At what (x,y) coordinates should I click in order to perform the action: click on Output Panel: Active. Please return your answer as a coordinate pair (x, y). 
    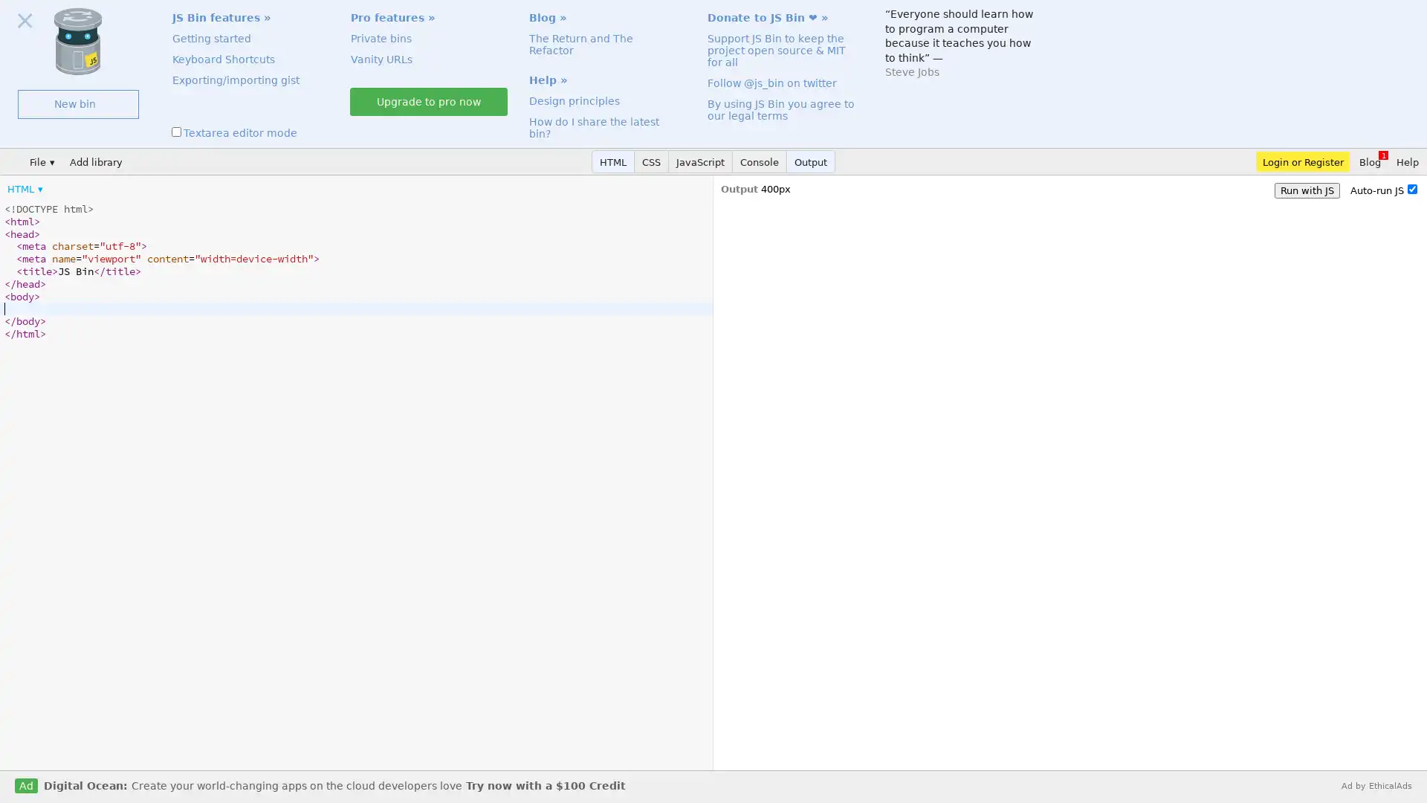
    Looking at the image, I should click on (810, 161).